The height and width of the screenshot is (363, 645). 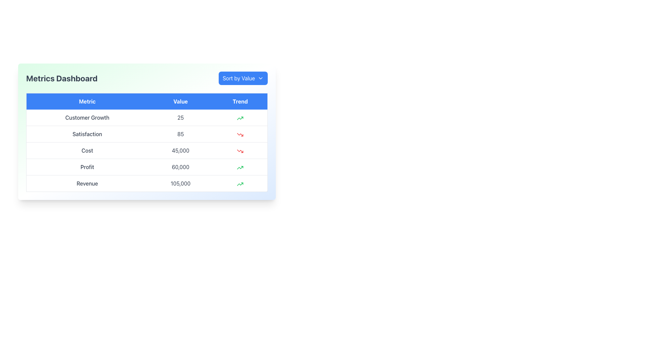 I want to click on the 'Sort by Value' button with a blue background and white text, located at the top-right corner of the interface, so click(x=243, y=78).